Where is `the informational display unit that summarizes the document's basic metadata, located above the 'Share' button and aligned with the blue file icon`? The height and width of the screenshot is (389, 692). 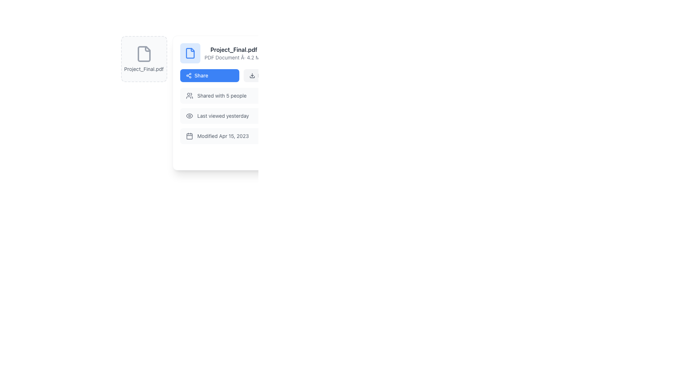 the informational display unit that summarizes the document's basic metadata, located above the 'Share' button and aligned with the blue file icon is located at coordinates (221, 53).